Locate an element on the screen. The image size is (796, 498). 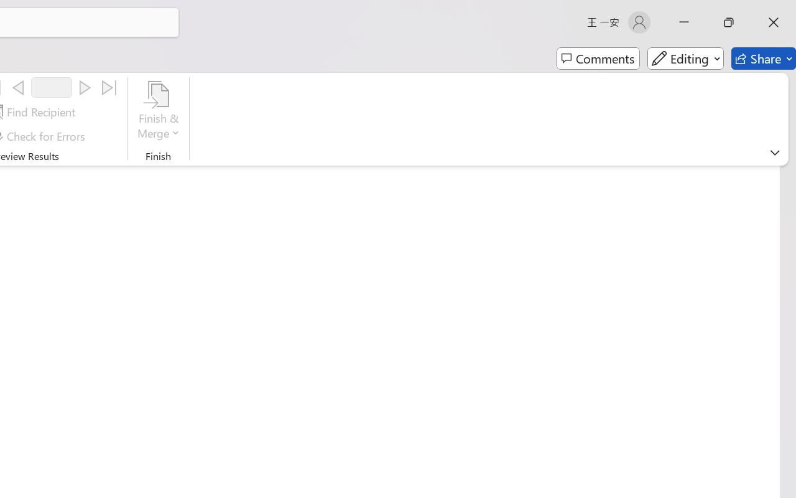
'Restore Down' is located at coordinates (729, 22).